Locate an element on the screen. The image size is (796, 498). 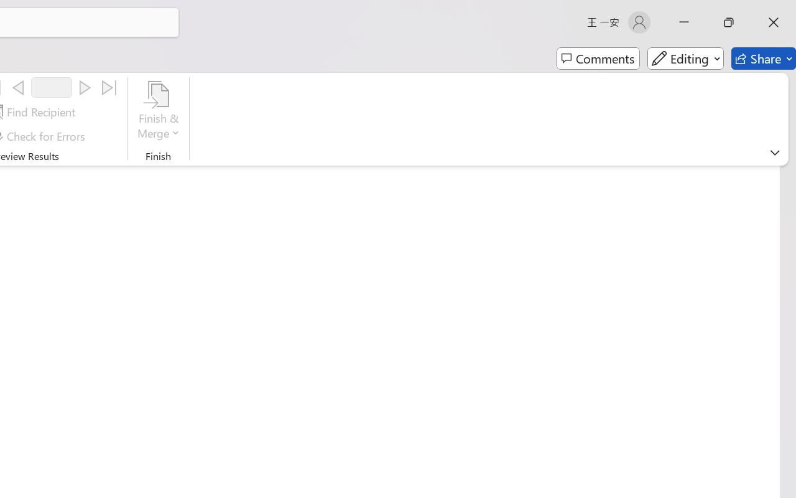
'Restore Down' is located at coordinates (729, 22).